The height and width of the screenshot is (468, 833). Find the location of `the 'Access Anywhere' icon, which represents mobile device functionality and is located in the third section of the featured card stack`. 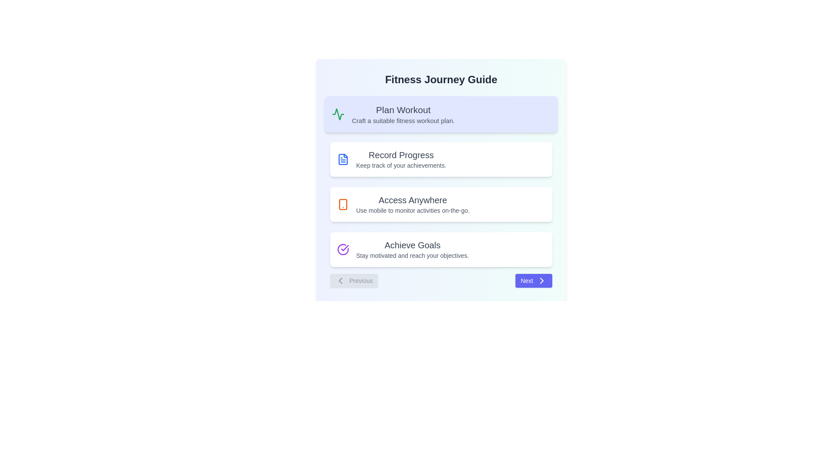

the 'Access Anywhere' icon, which represents mobile device functionality and is located in the third section of the featured card stack is located at coordinates (343, 204).